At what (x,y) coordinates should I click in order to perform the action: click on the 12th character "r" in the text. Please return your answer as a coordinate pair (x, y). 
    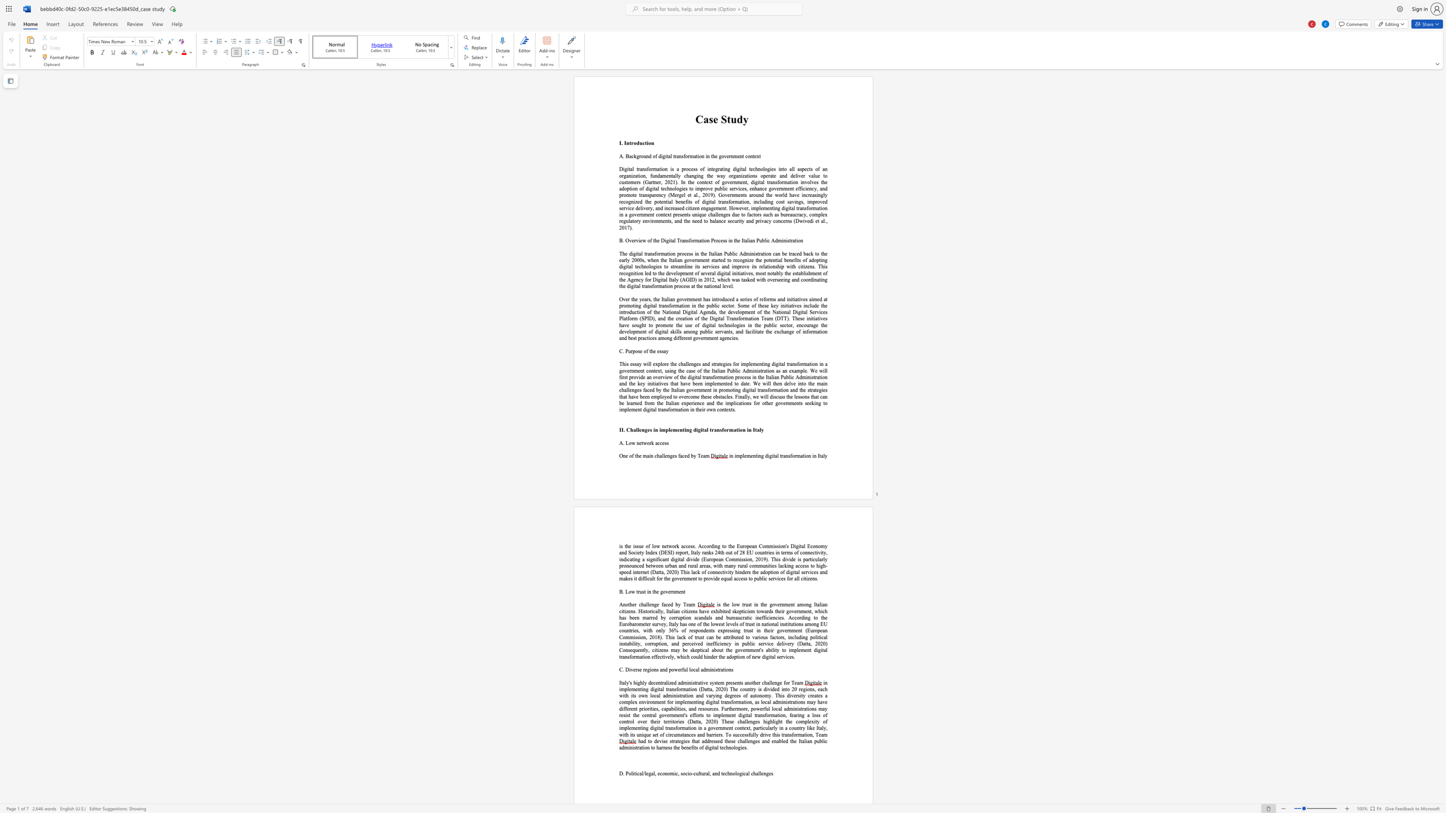
    Looking at the image, I should click on (640, 195).